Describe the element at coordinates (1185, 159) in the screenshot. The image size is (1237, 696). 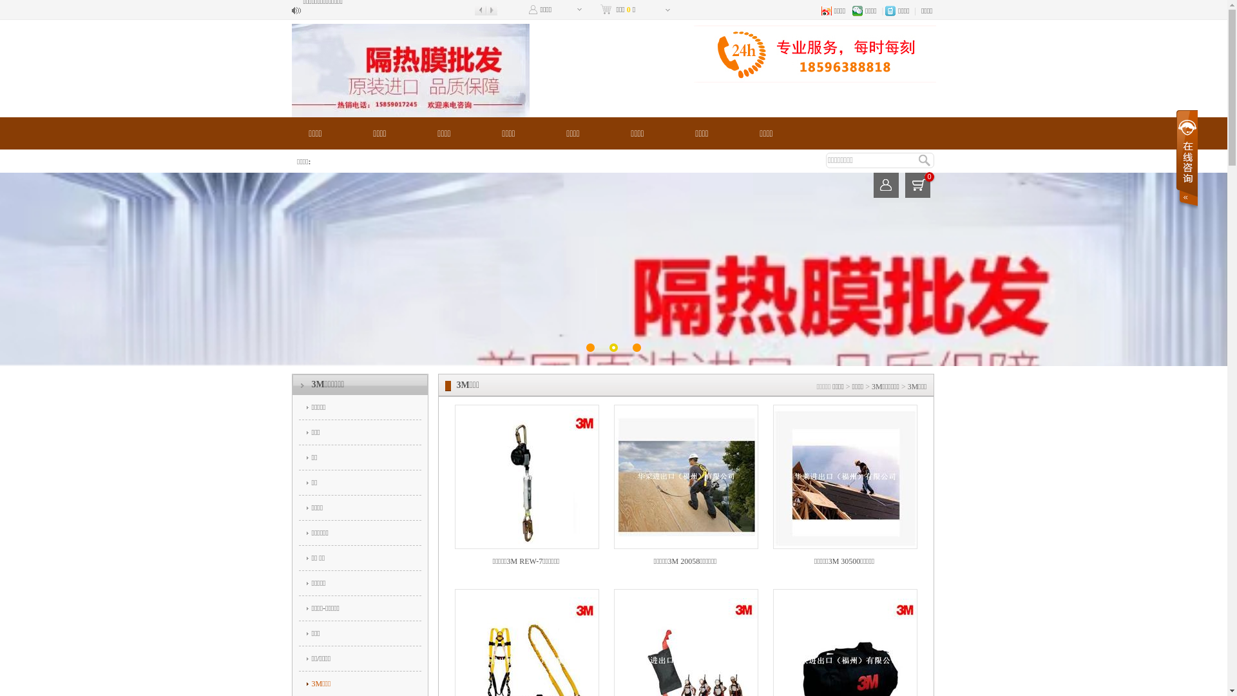
I see `' '` at that location.